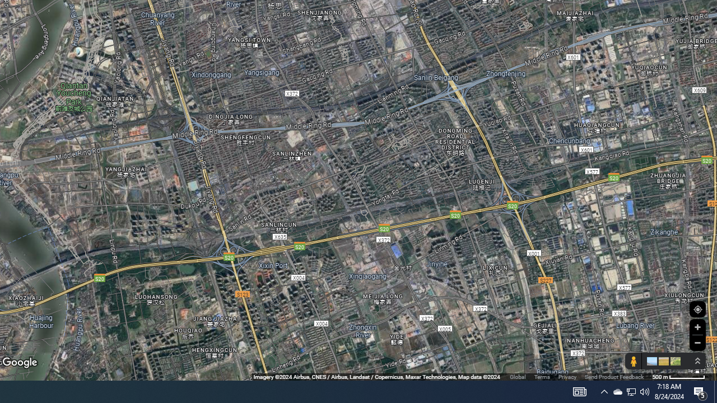  Describe the element at coordinates (697, 309) in the screenshot. I see `'Show Your Location'` at that location.